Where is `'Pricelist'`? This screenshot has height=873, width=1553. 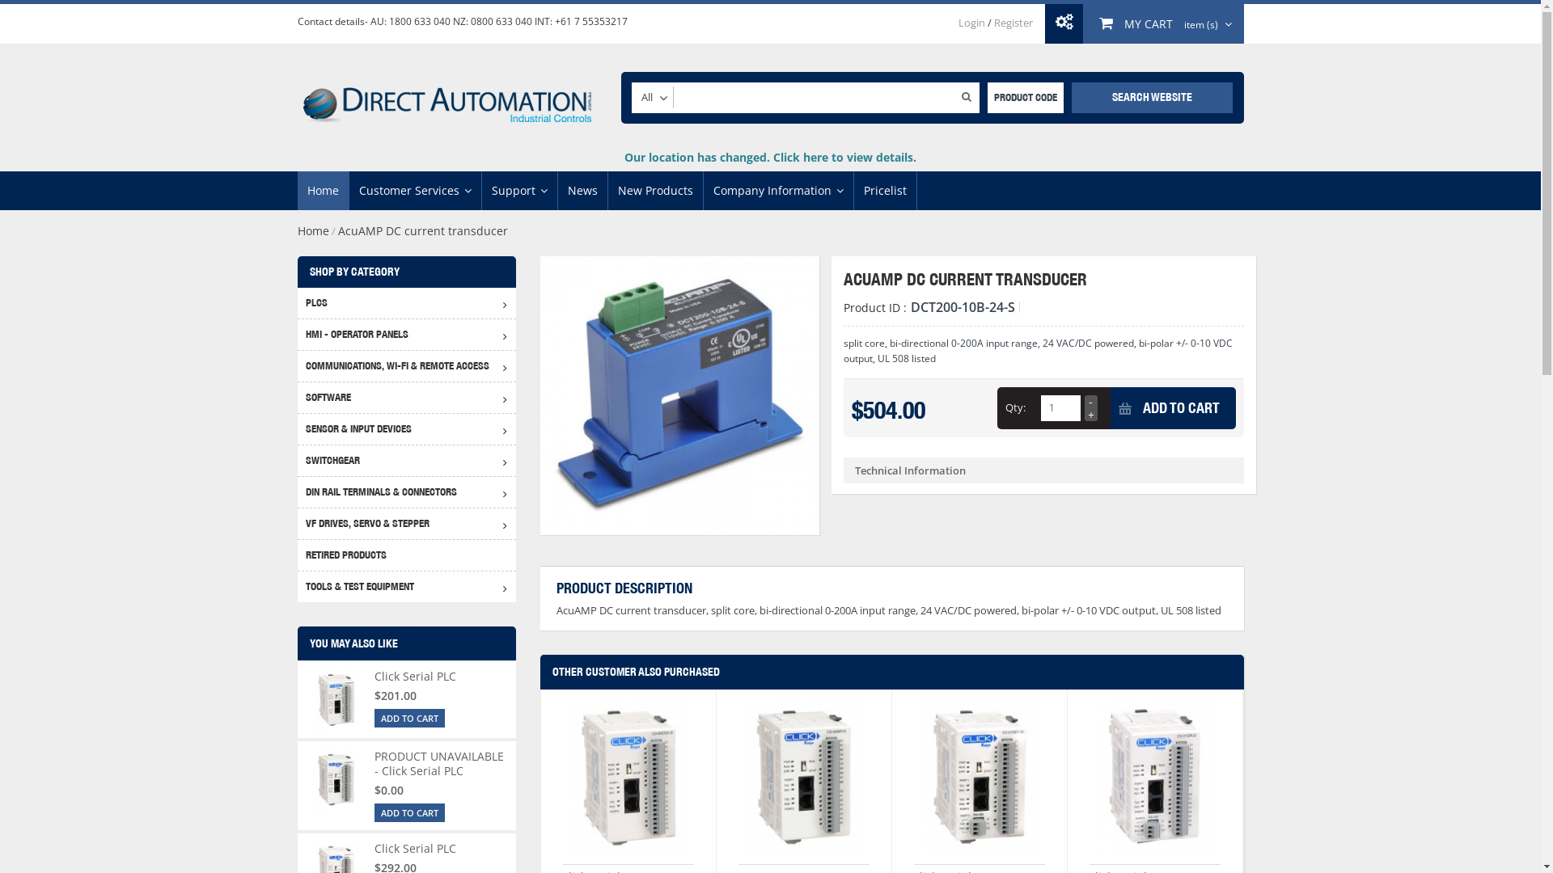
'Pricelist' is located at coordinates (884, 189).